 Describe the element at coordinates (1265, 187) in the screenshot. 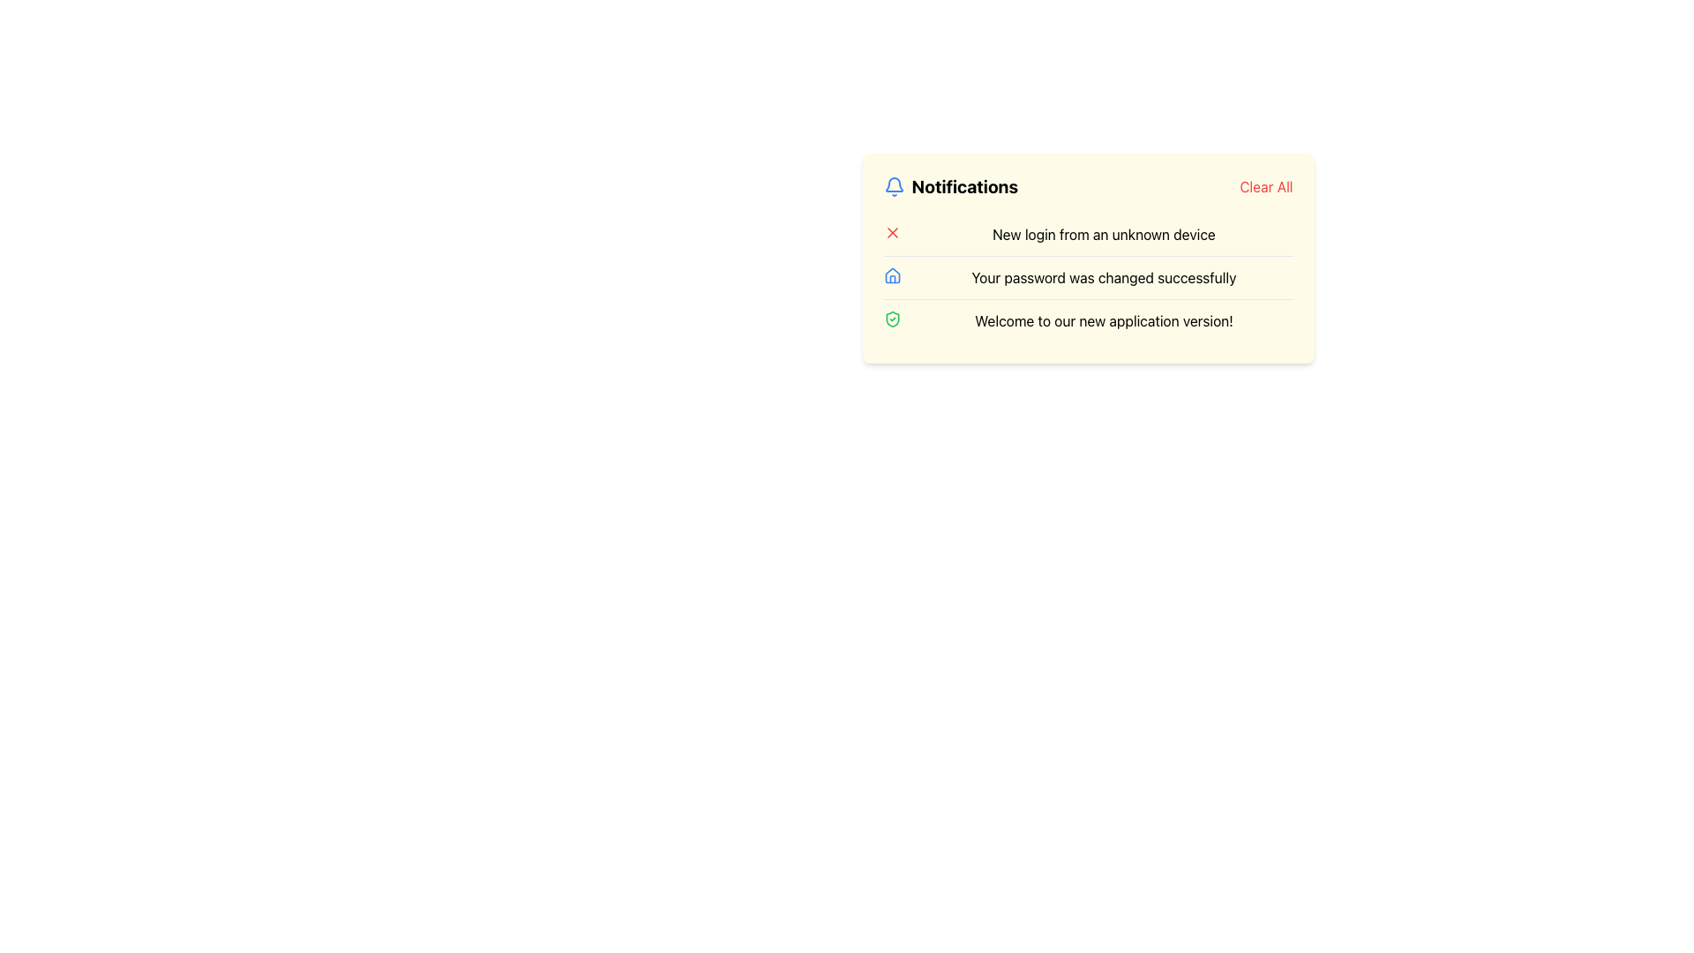

I see `the clear notifications button located at the upper-right corner of the notifications component` at that location.